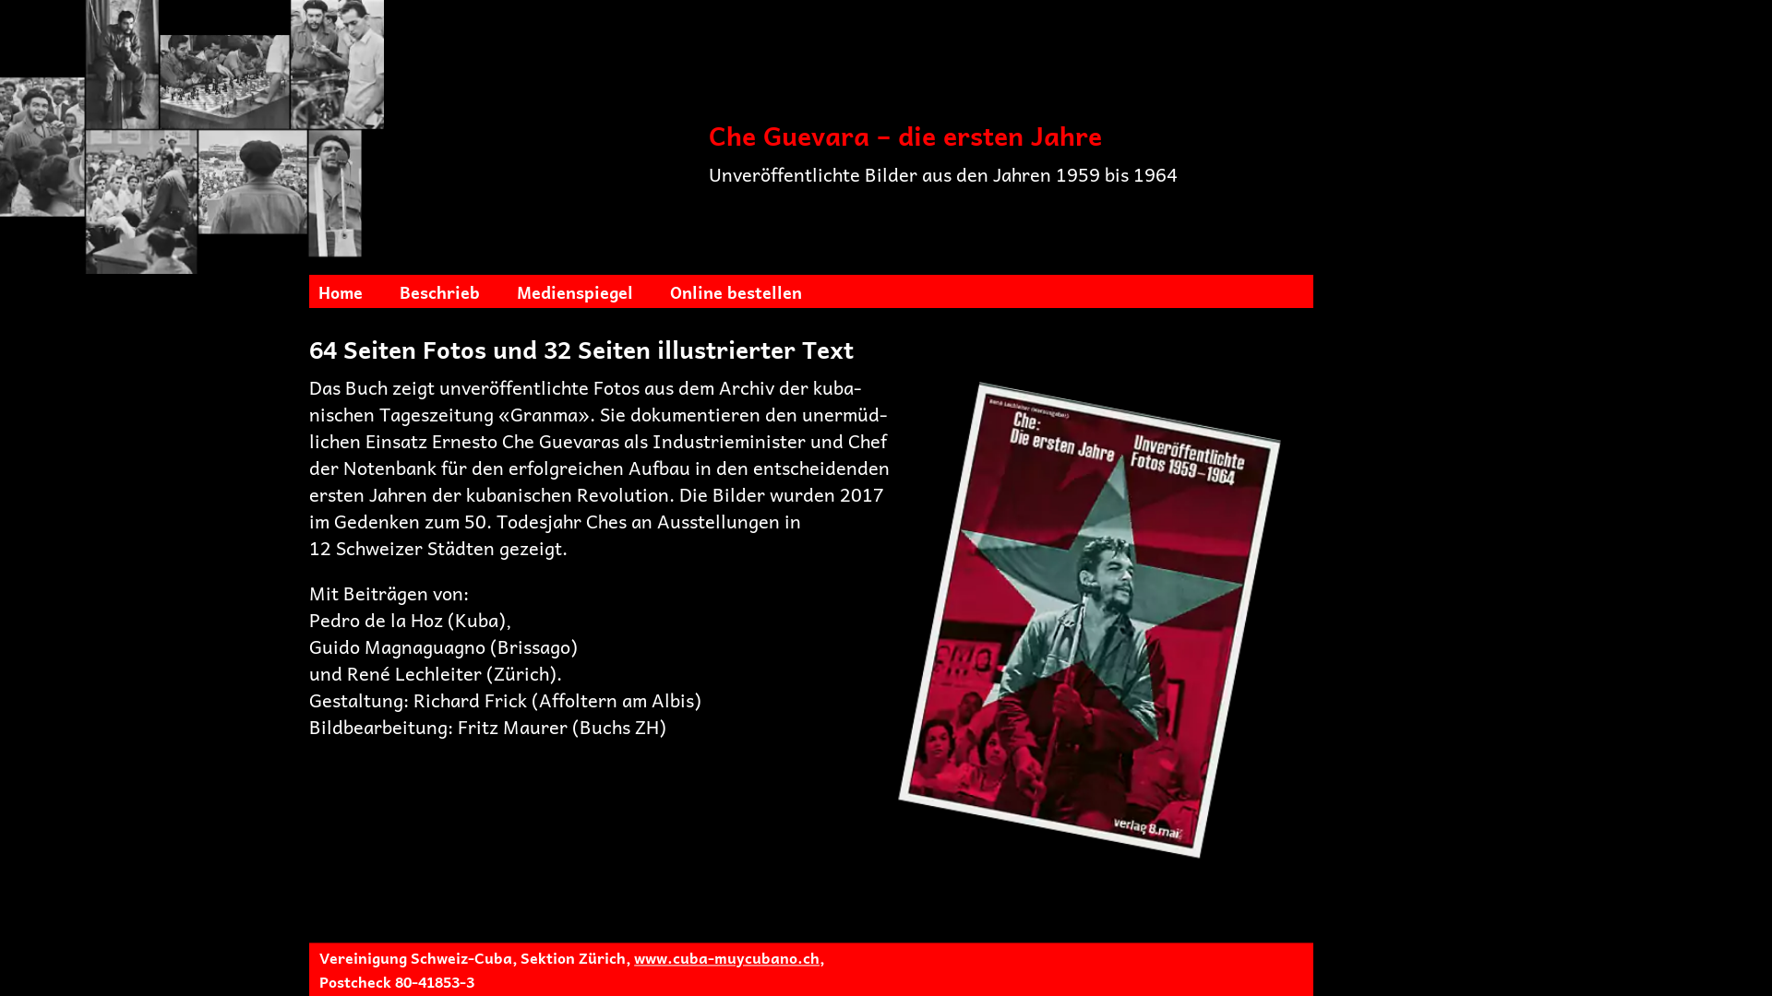 The width and height of the screenshot is (1772, 996). What do you see at coordinates (574, 290) in the screenshot?
I see `'Medienspiegel'` at bounding box center [574, 290].